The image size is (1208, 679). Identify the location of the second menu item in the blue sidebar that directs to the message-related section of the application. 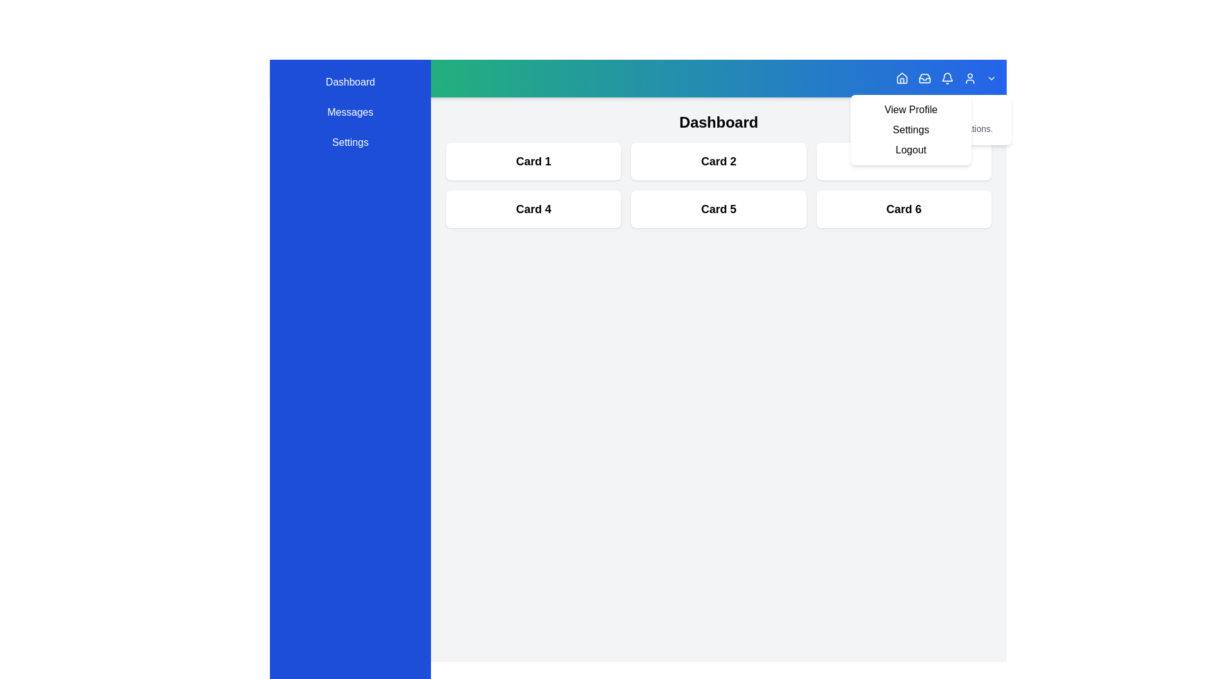
(350, 111).